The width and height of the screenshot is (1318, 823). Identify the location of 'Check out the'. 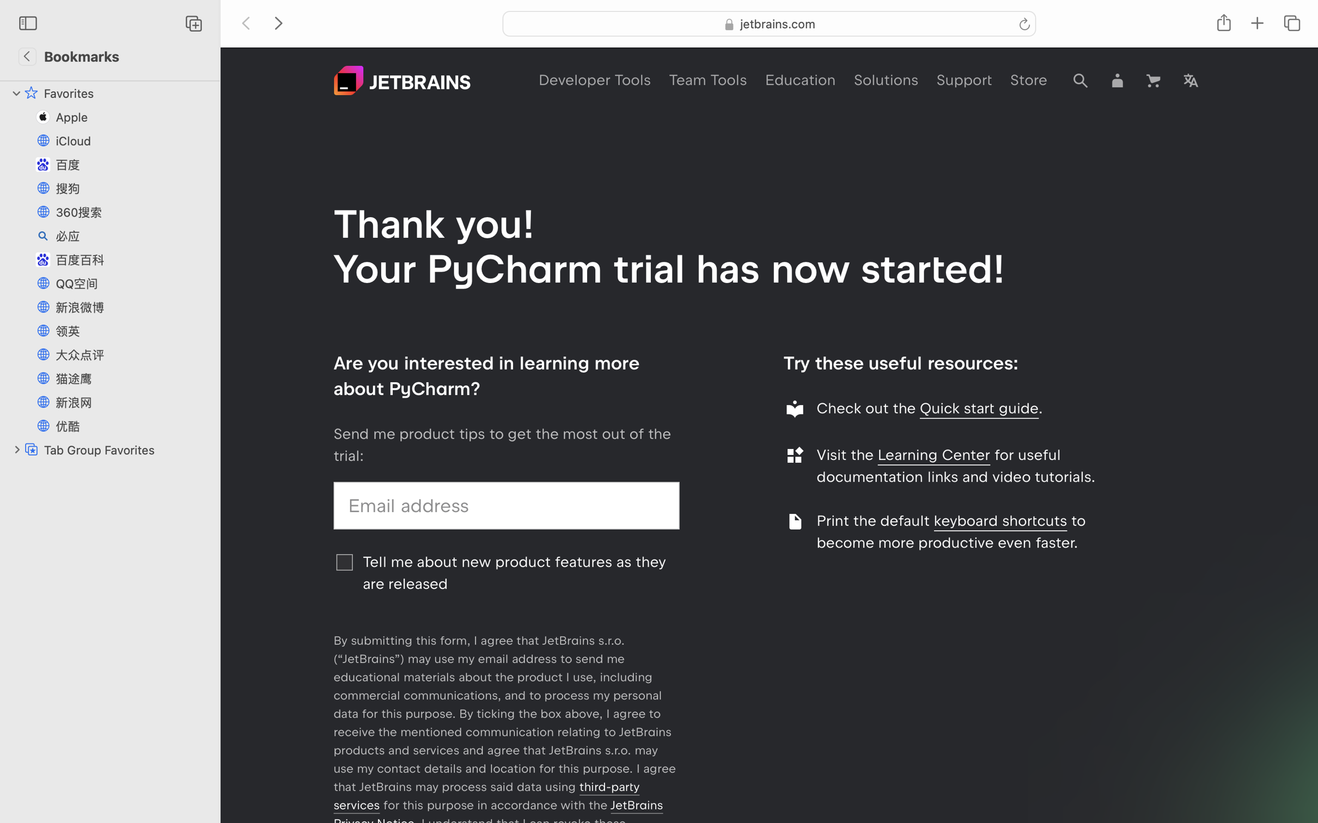
(868, 407).